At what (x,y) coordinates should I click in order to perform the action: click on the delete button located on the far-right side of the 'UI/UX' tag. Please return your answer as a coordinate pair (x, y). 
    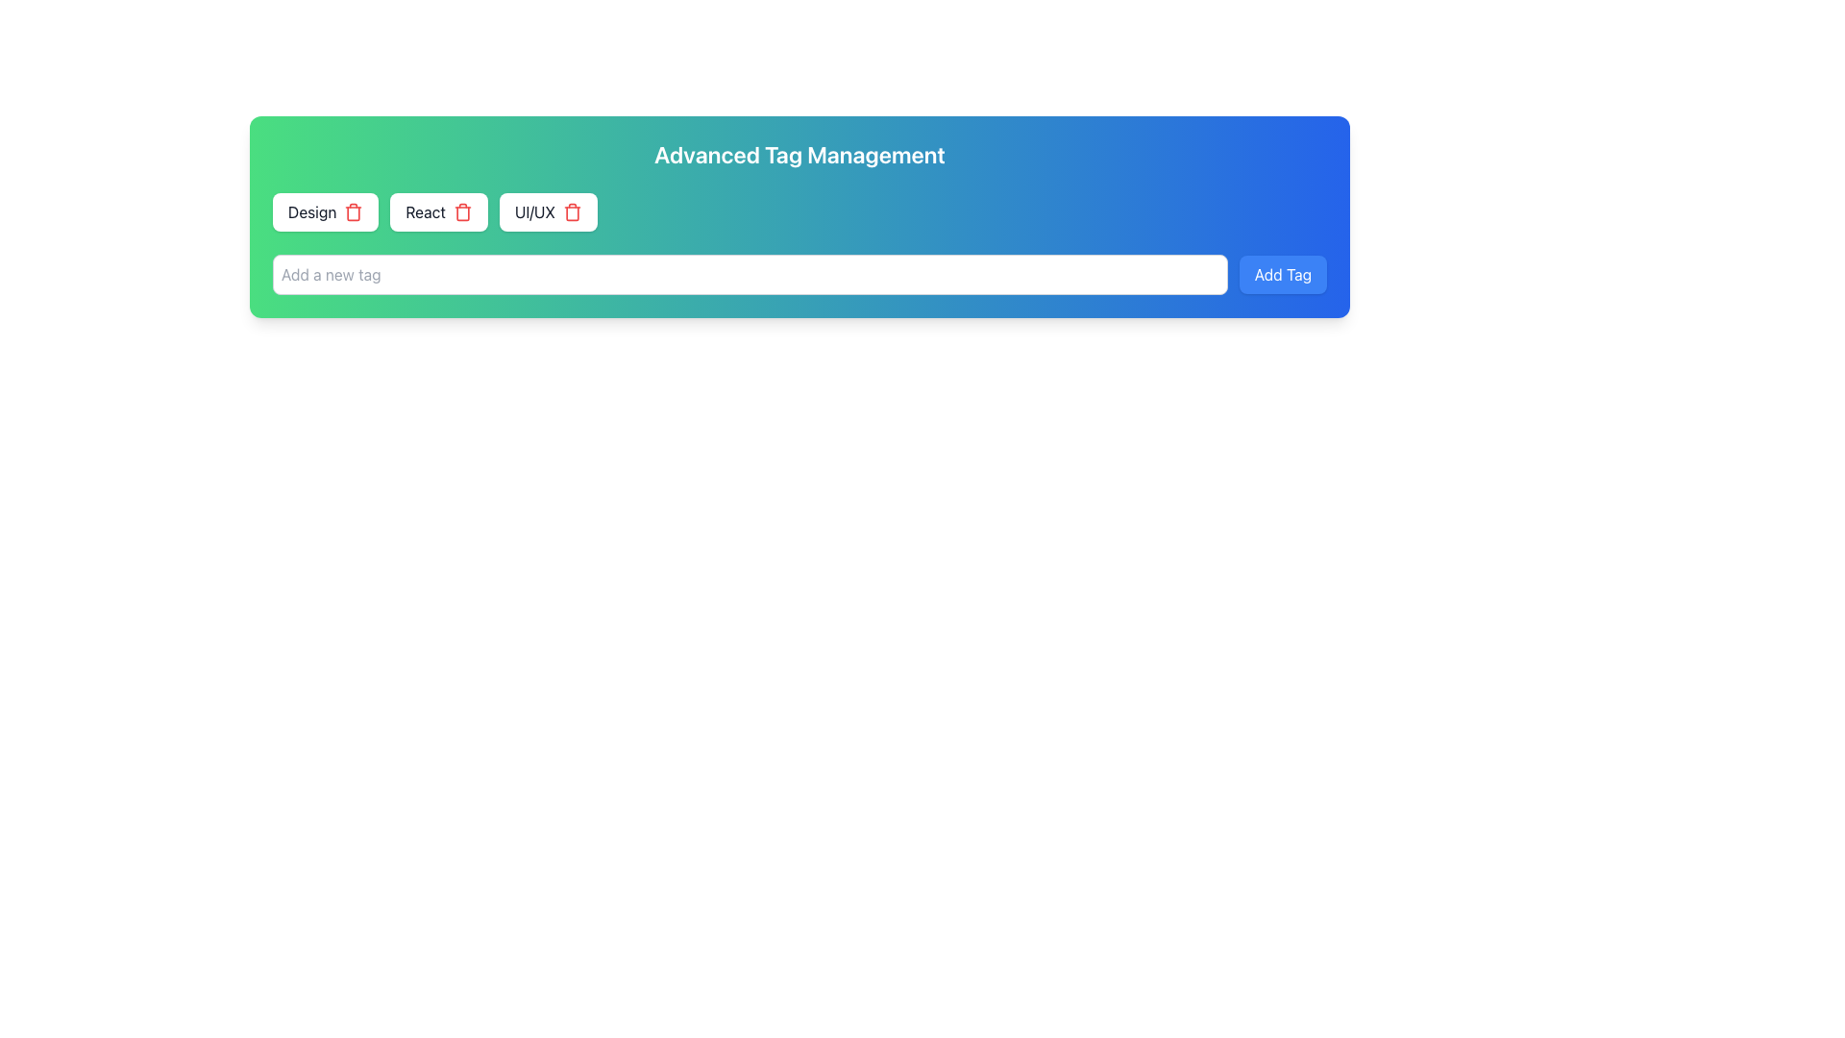
    Looking at the image, I should click on (571, 211).